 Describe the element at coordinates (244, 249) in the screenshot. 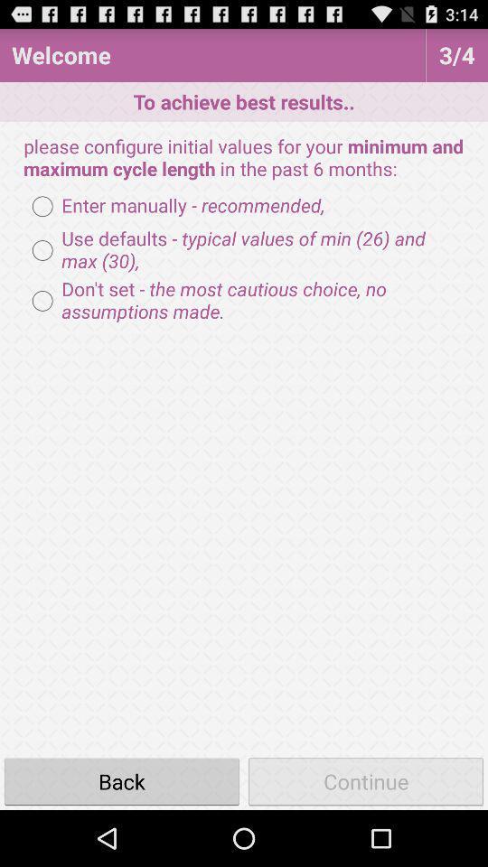

I see `radio button below enter manually - recommended, icon` at that location.